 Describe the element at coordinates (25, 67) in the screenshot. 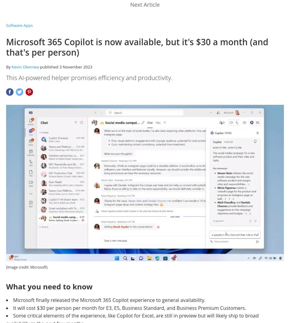

I see `'Kevin Okemwa'` at that location.